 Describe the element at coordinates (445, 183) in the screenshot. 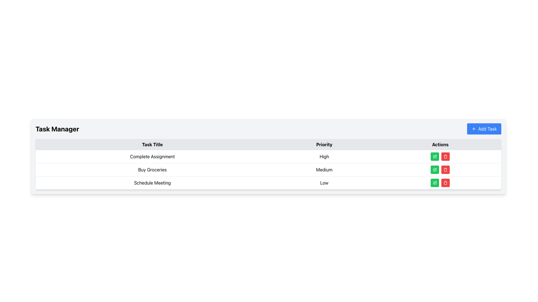

I see `the trash icon button in the 'Actions' column of the third row in the 'Task Manager' table` at that location.